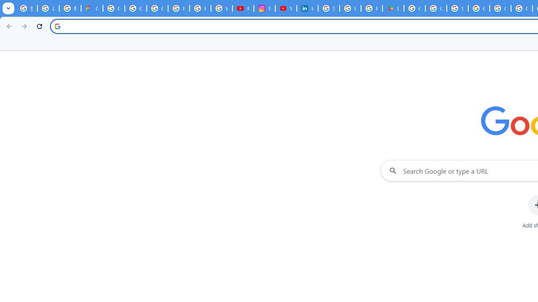 This screenshot has width=538, height=302. I want to click on 'Sign in - Google Accounts', so click(328, 8).